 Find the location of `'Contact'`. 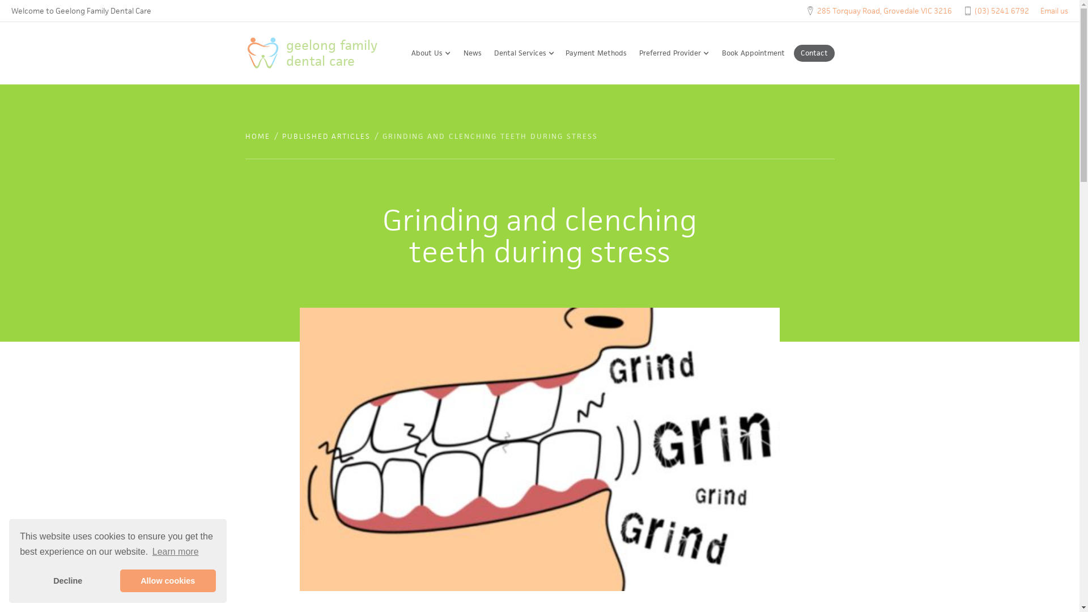

'Contact' is located at coordinates (813, 53).